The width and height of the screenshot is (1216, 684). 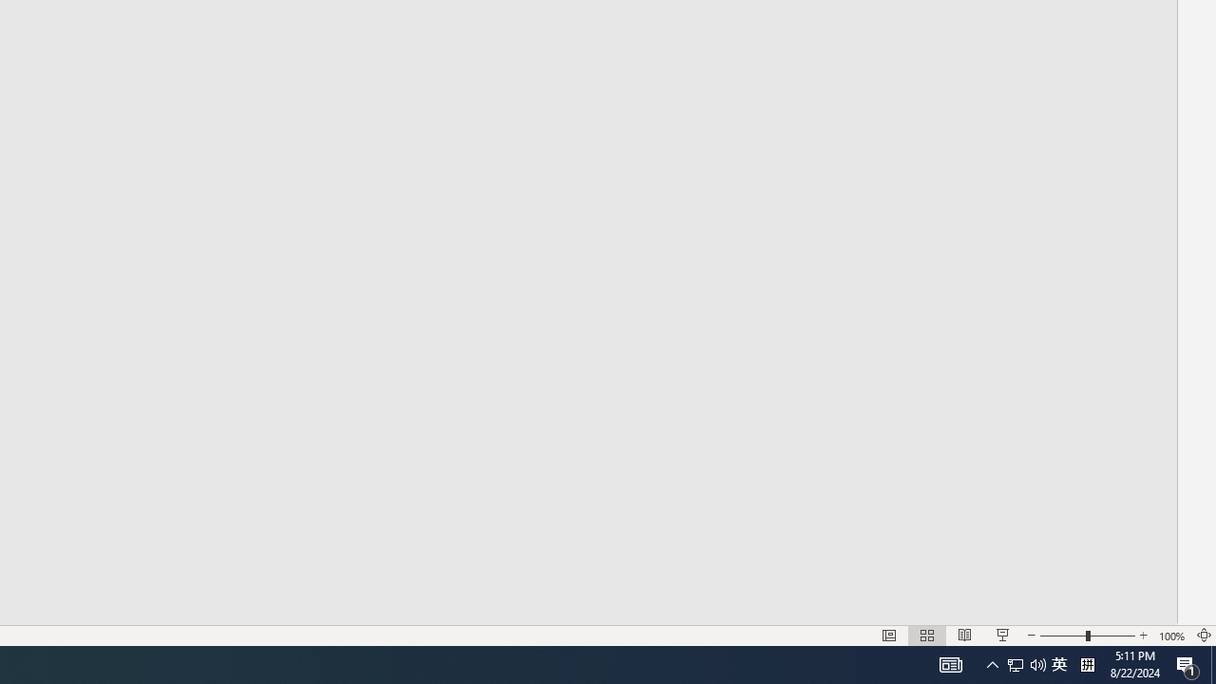 What do you see at coordinates (1171, 636) in the screenshot?
I see `'Zoom 100%'` at bounding box center [1171, 636].